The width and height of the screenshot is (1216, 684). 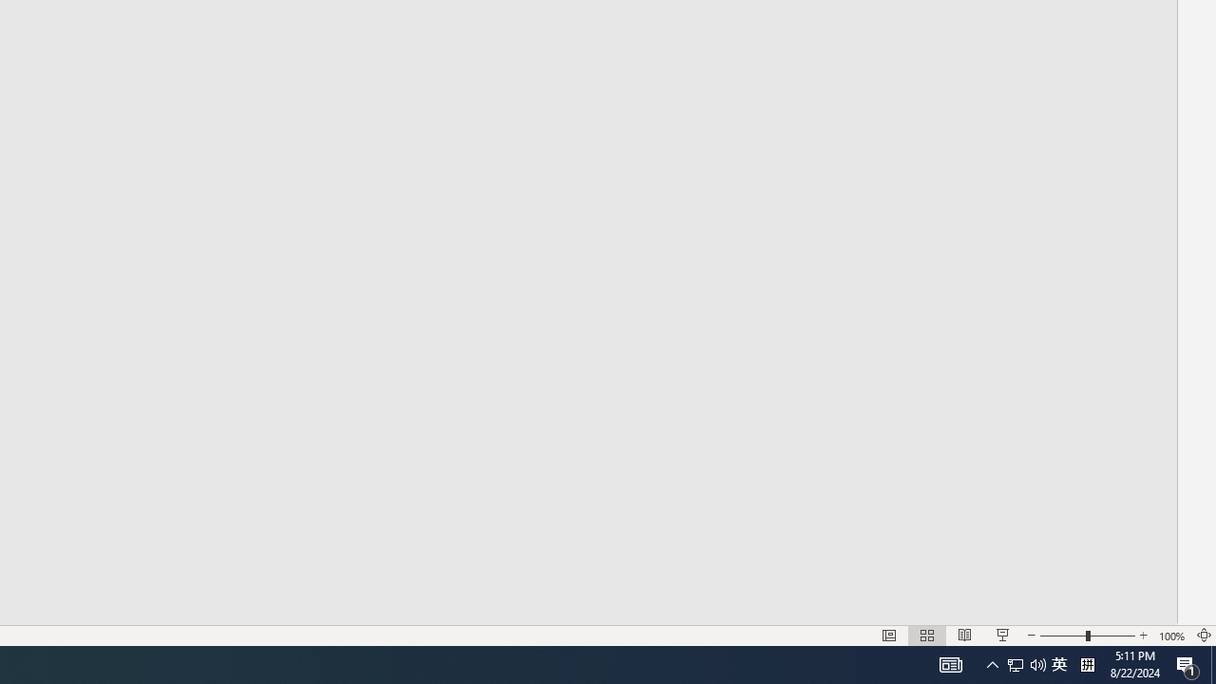 What do you see at coordinates (1171, 636) in the screenshot?
I see `'Zoom 100%'` at bounding box center [1171, 636].